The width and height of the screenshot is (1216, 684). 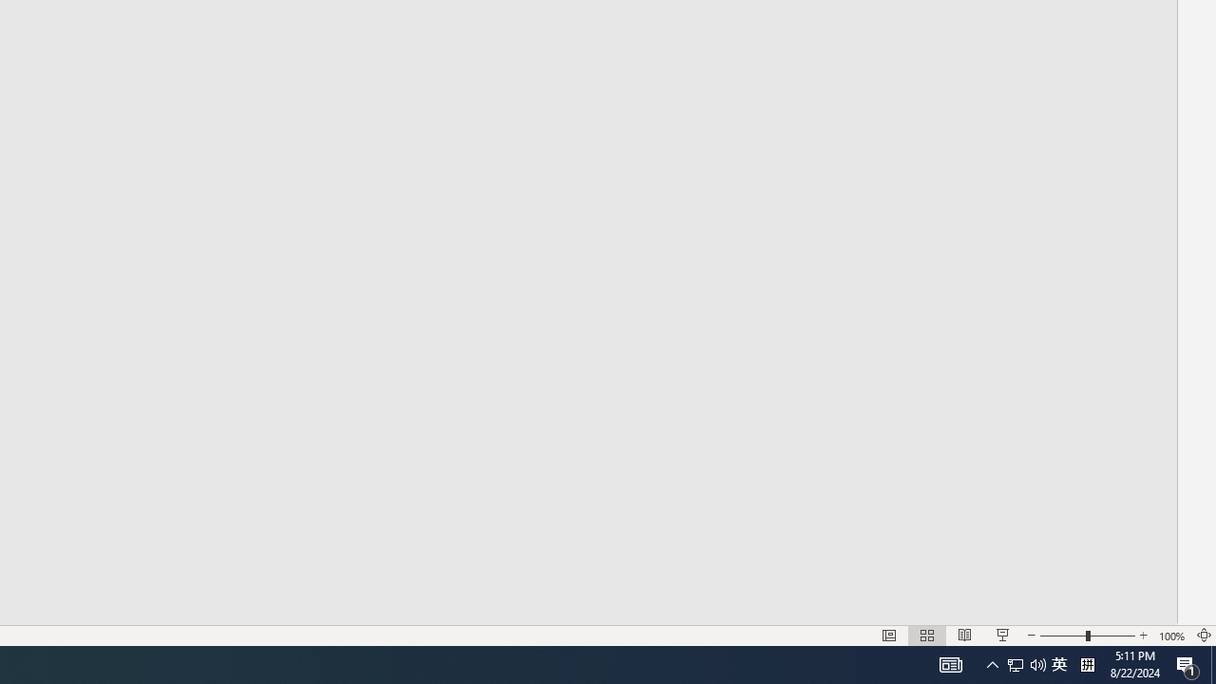 What do you see at coordinates (1171, 636) in the screenshot?
I see `'Zoom 100%'` at bounding box center [1171, 636].